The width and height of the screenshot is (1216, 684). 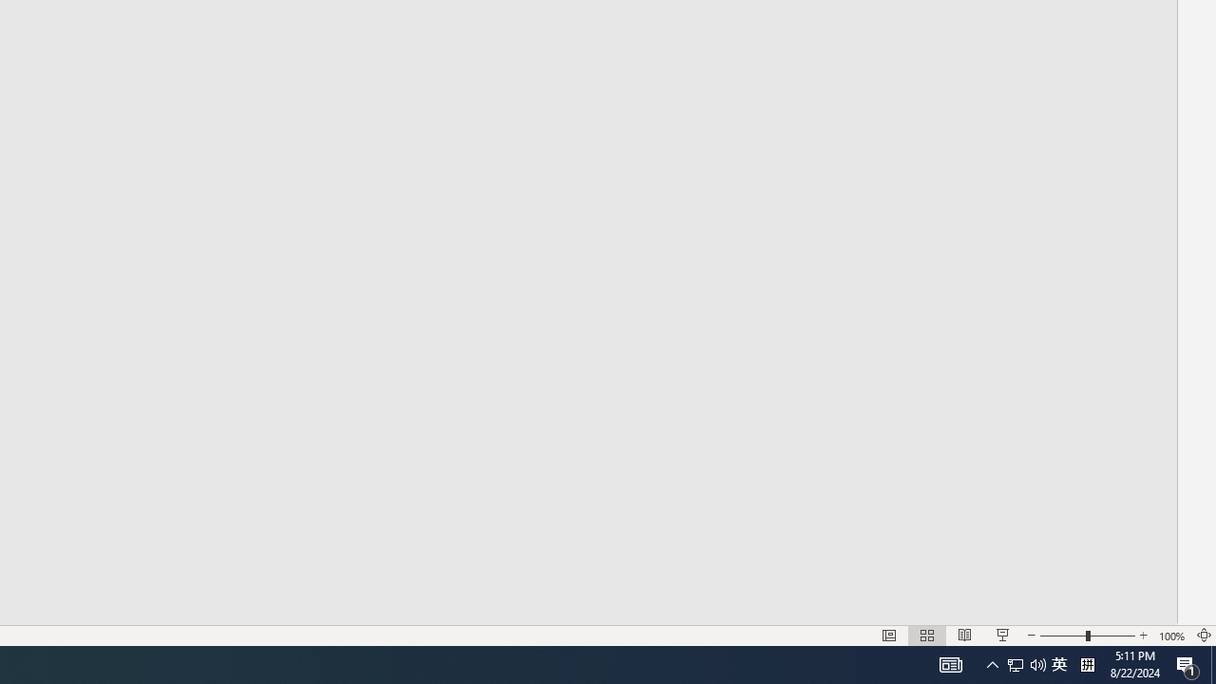 What do you see at coordinates (1171, 636) in the screenshot?
I see `'Zoom 100%'` at bounding box center [1171, 636].